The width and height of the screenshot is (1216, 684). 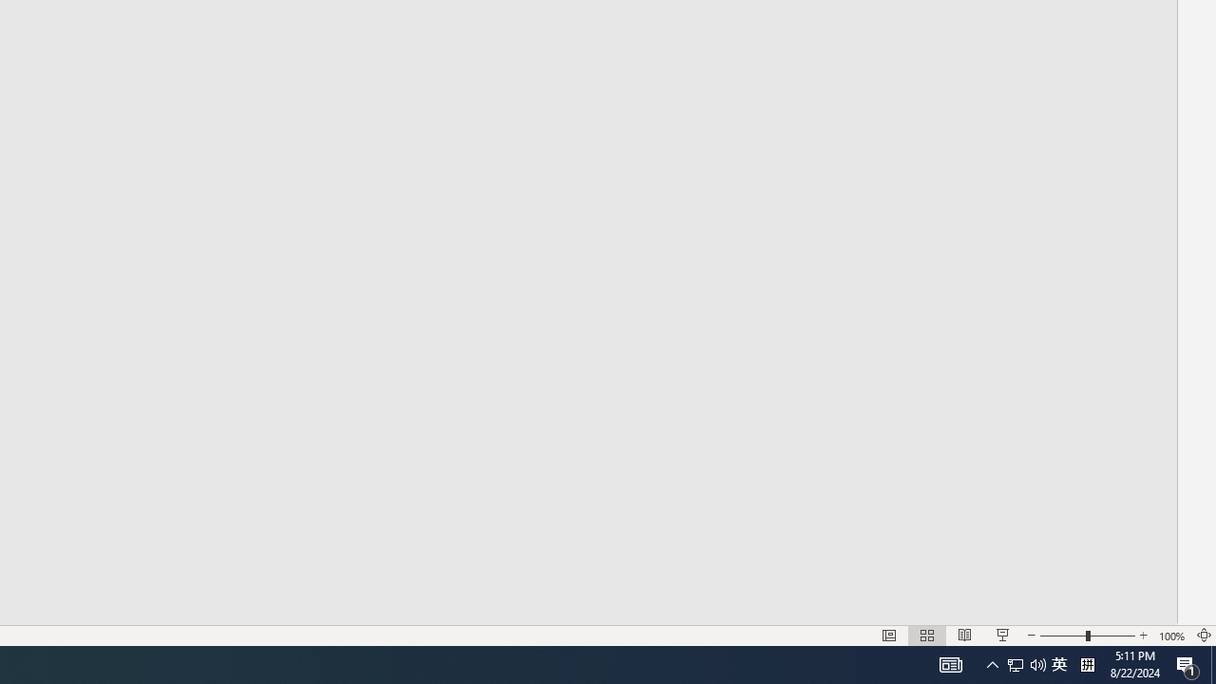 What do you see at coordinates (1171, 636) in the screenshot?
I see `'Zoom 100%'` at bounding box center [1171, 636].